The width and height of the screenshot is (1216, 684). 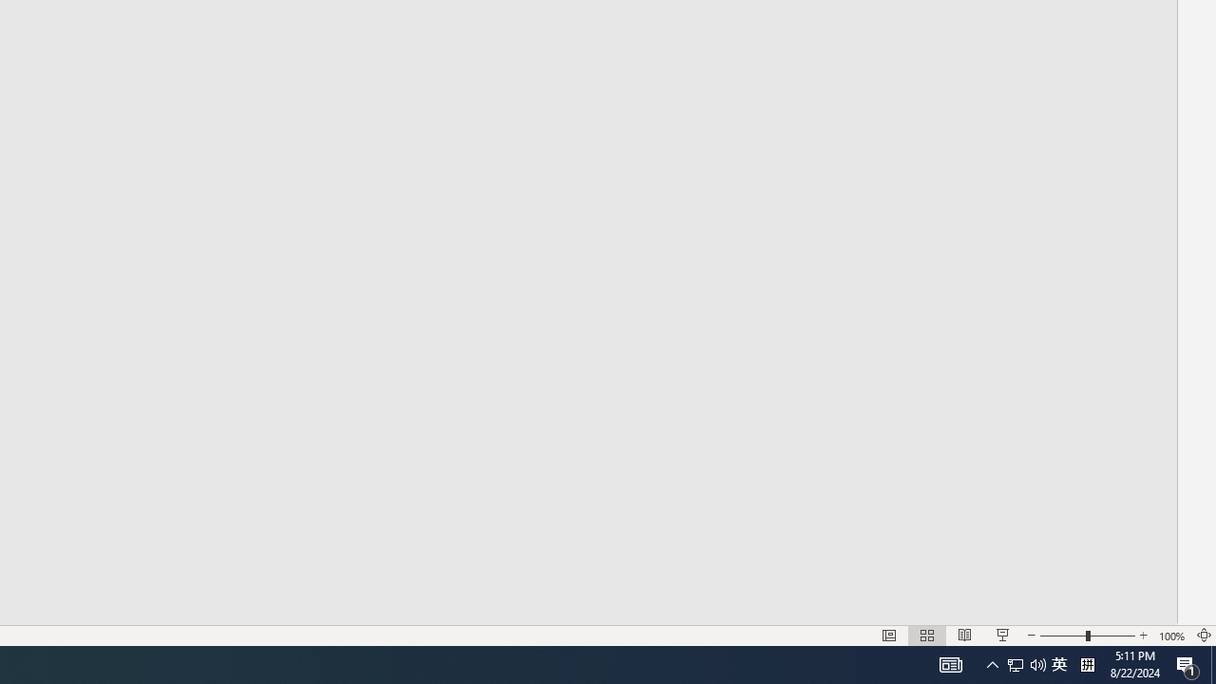 What do you see at coordinates (1171, 636) in the screenshot?
I see `'Zoom 100%'` at bounding box center [1171, 636].